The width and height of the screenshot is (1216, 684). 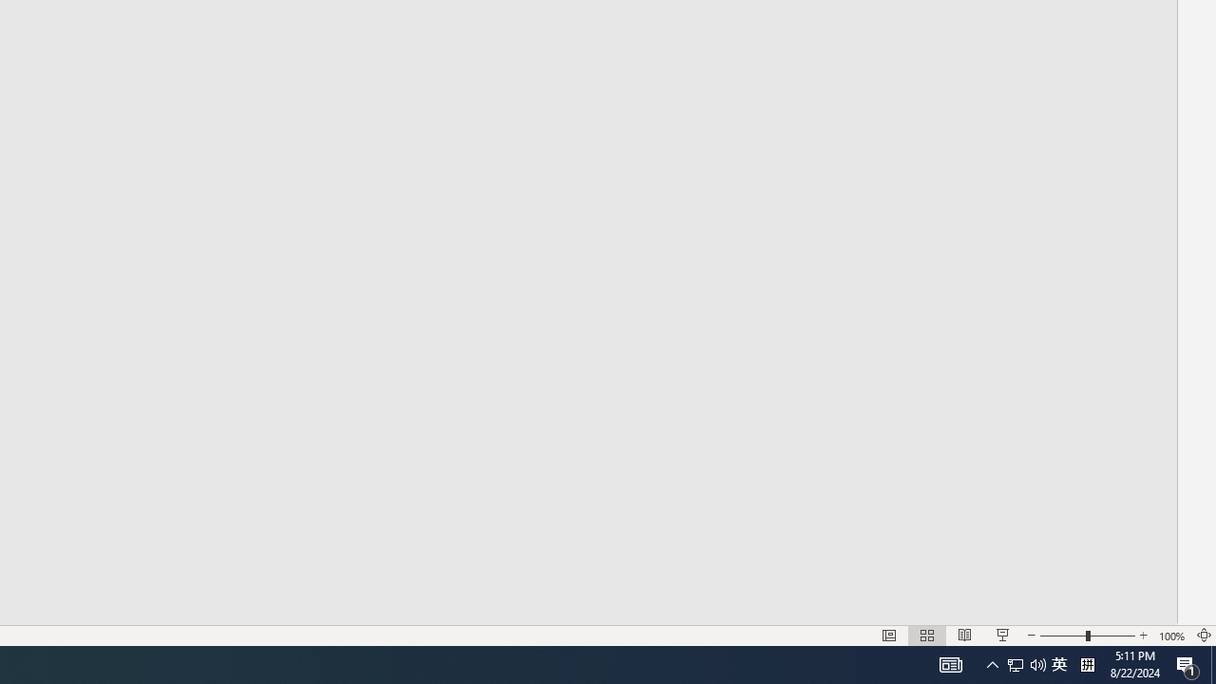 What do you see at coordinates (1171, 636) in the screenshot?
I see `'Zoom 100%'` at bounding box center [1171, 636].